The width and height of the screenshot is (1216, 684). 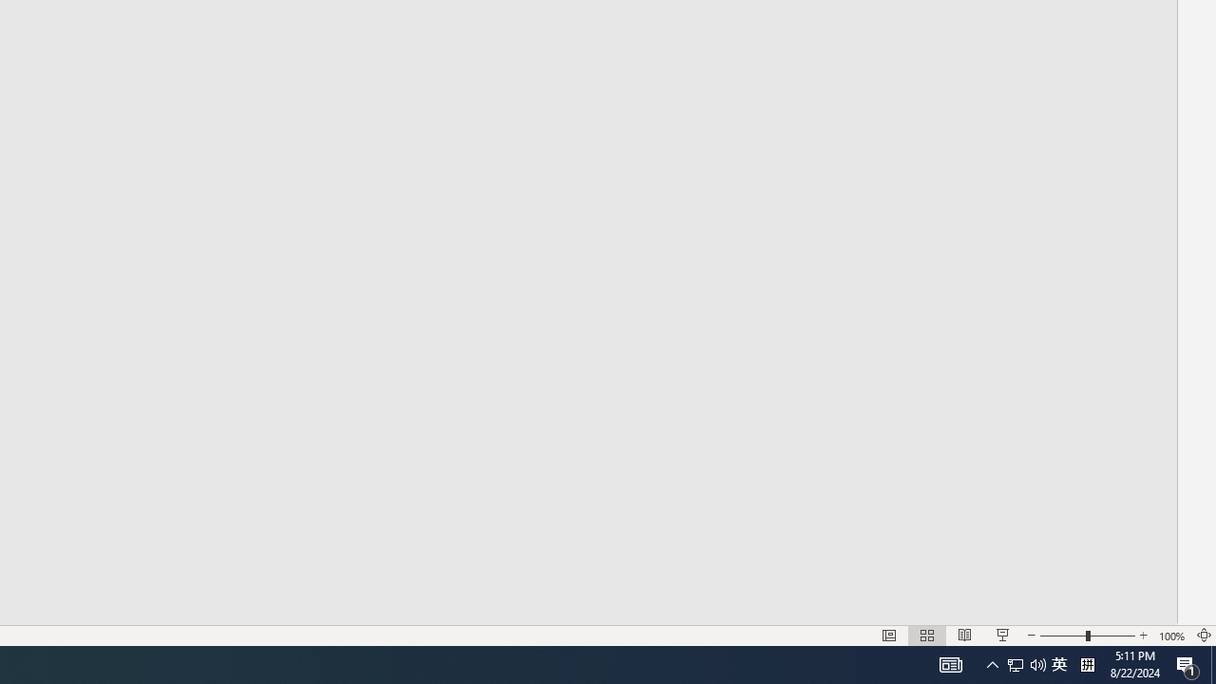 What do you see at coordinates (1171, 636) in the screenshot?
I see `'Zoom 100%'` at bounding box center [1171, 636].